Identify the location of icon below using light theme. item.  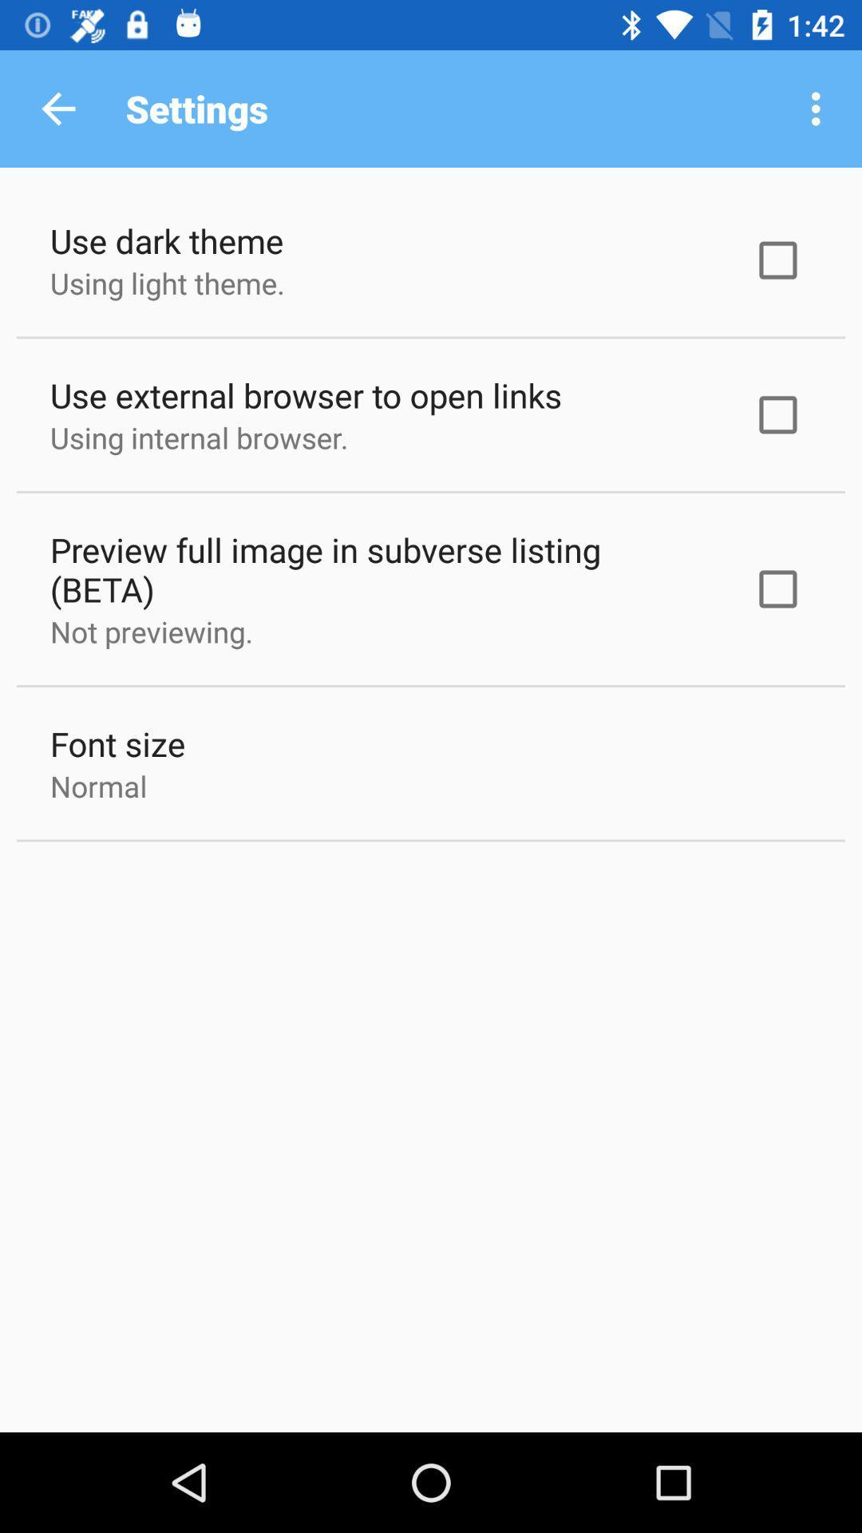
(306, 394).